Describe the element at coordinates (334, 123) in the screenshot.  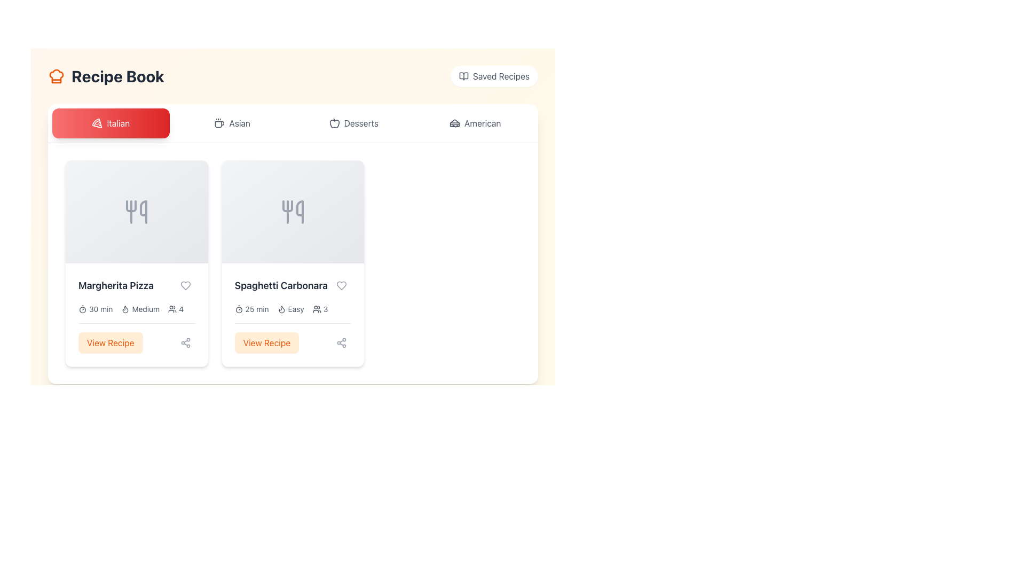
I see `the apple-shaped icon with a dark gray stroke located to the left of the 'Desserts' text label in the navigation bar` at that location.